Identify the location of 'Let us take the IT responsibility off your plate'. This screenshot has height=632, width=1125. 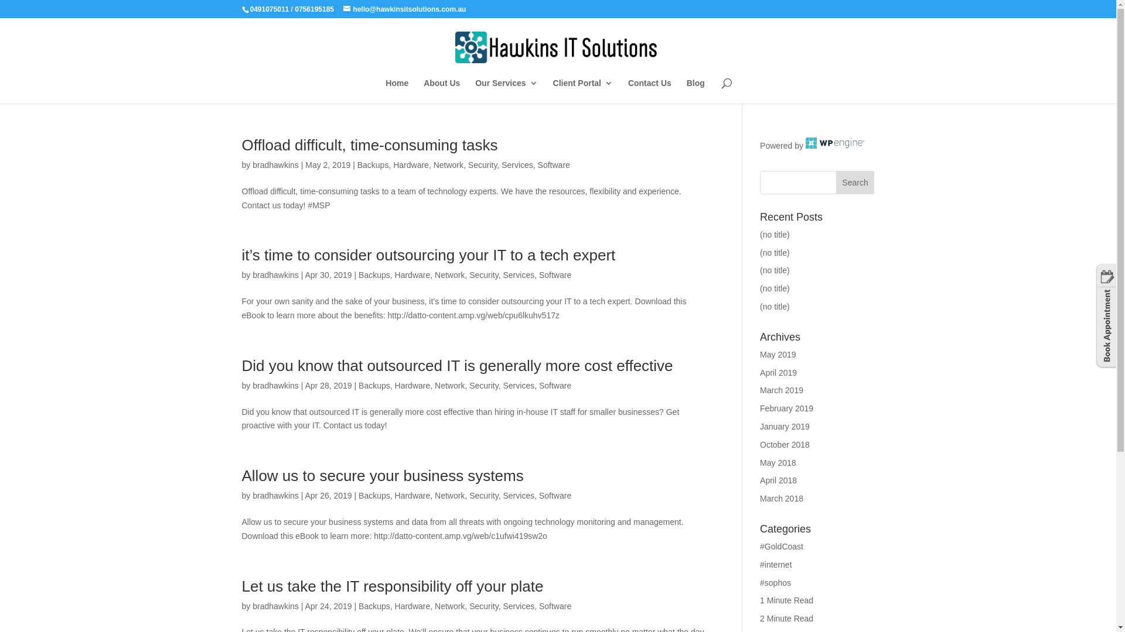
(392, 586).